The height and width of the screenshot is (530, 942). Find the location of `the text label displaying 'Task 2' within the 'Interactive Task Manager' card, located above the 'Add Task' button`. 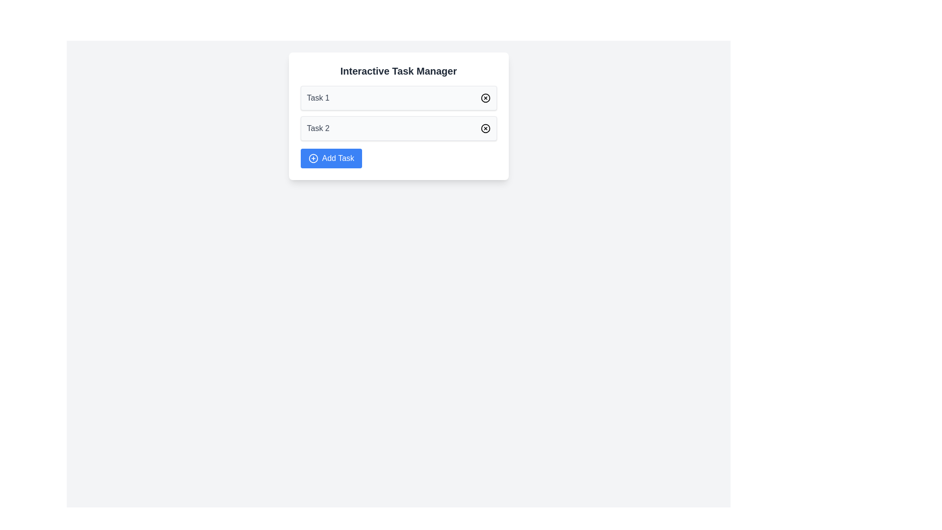

the text label displaying 'Task 2' within the 'Interactive Task Manager' card, located above the 'Add Task' button is located at coordinates (318, 128).